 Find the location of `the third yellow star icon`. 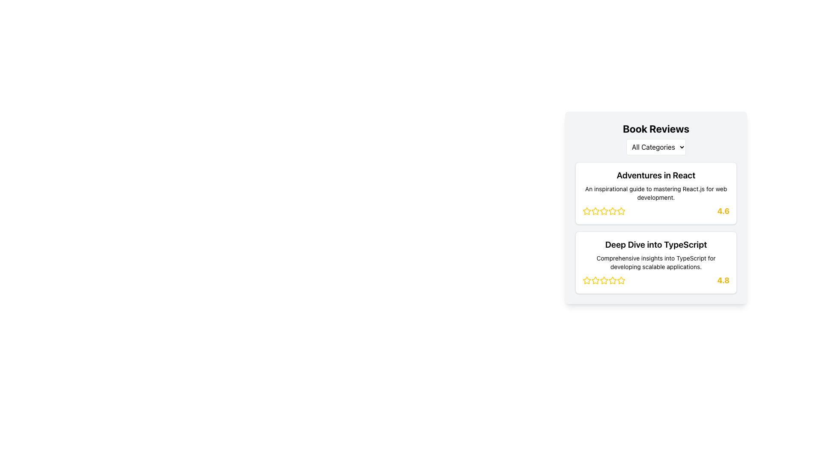

the third yellow star icon is located at coordinates (595, 280).